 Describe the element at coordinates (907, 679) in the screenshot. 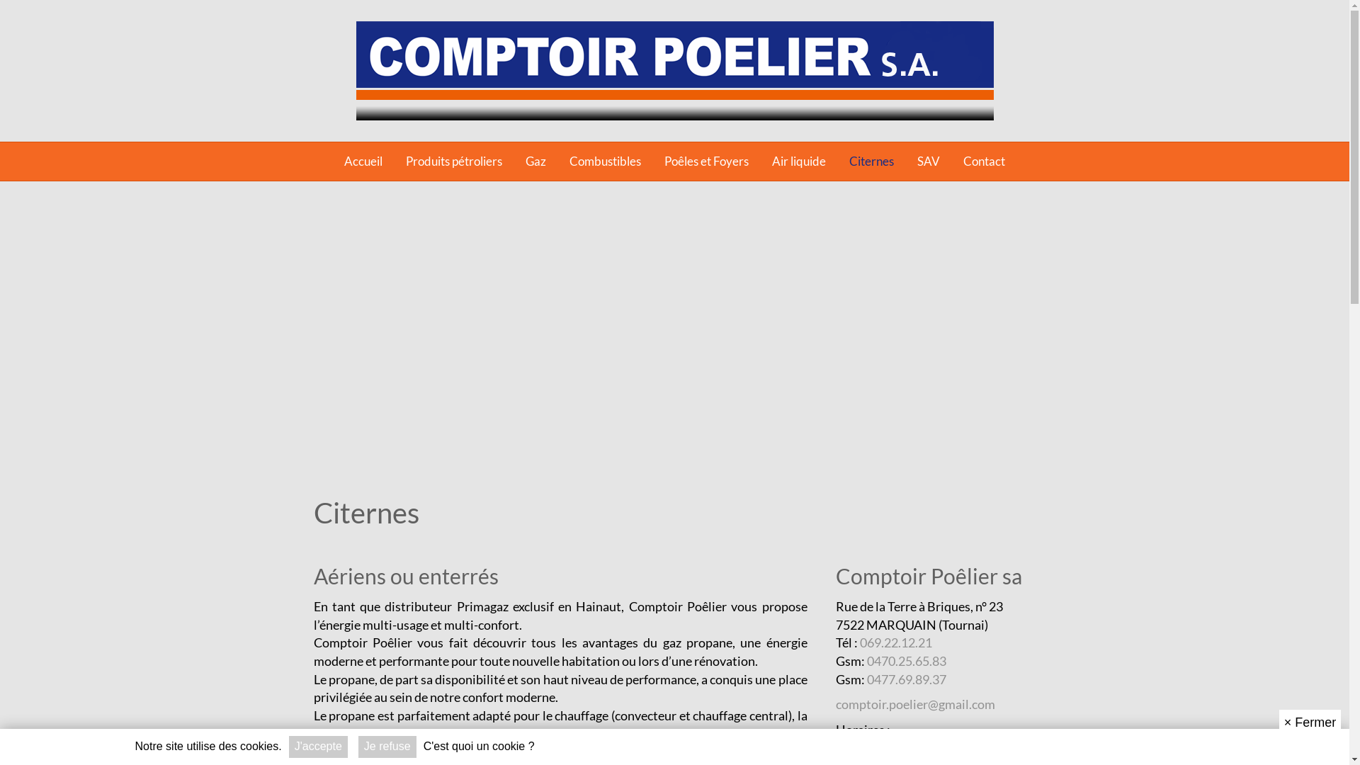

I see `'0477.69.89.37'` at that location.